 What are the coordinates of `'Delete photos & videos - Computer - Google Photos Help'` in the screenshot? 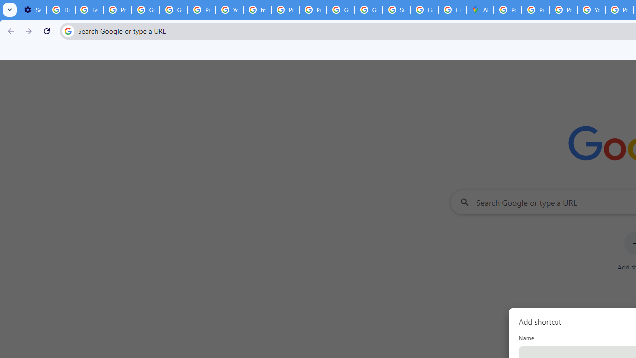 It's located at (60, 10).